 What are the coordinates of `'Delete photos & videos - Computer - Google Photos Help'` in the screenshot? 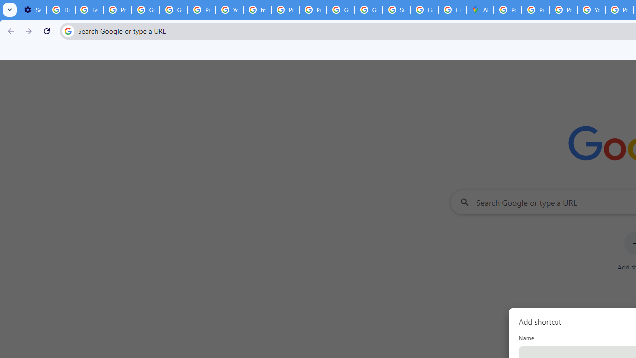 It's located at (60, 10).